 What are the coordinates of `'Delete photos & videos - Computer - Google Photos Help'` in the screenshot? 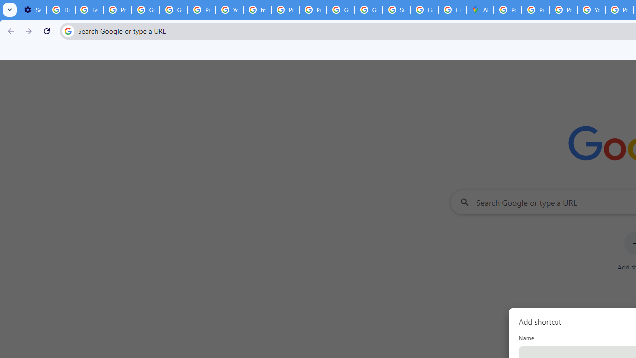 It's located at (60, 10).